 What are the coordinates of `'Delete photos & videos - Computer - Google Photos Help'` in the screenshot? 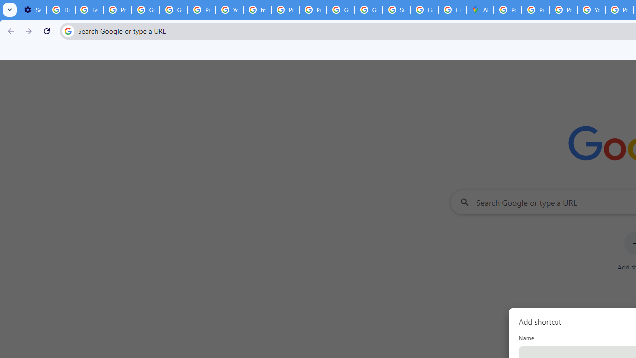 It's located at (60, 10).